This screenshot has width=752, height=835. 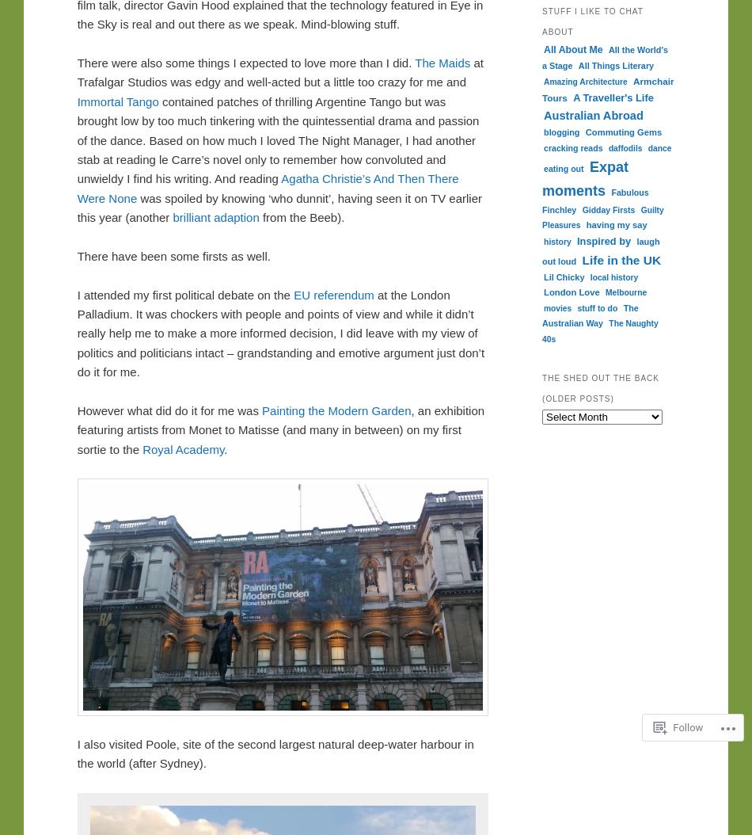 I want to click on 'eating out', so click(x=564, y=169).